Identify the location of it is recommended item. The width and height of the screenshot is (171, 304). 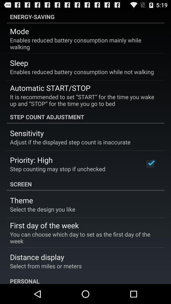
(83, 100).